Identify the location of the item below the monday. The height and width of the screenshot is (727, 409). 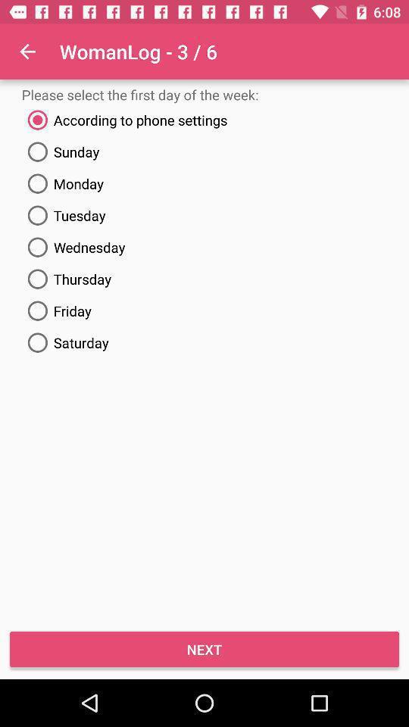
(204, 214).